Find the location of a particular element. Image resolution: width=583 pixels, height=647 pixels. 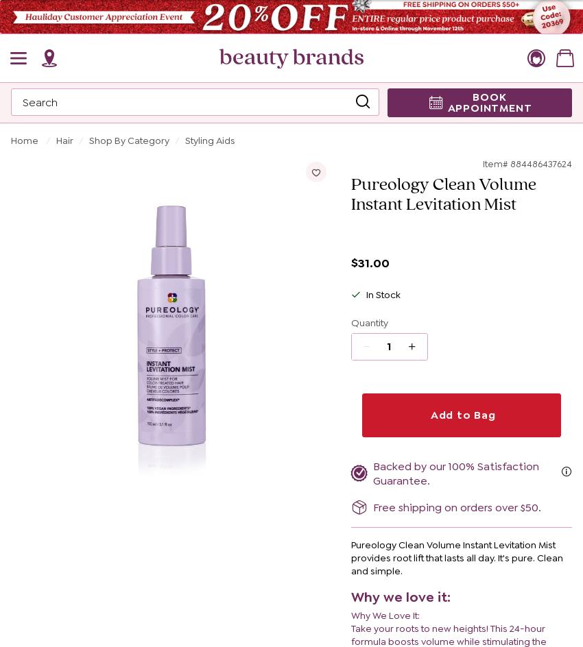

'Why We Love It:' is located at coordinates (350, 615).